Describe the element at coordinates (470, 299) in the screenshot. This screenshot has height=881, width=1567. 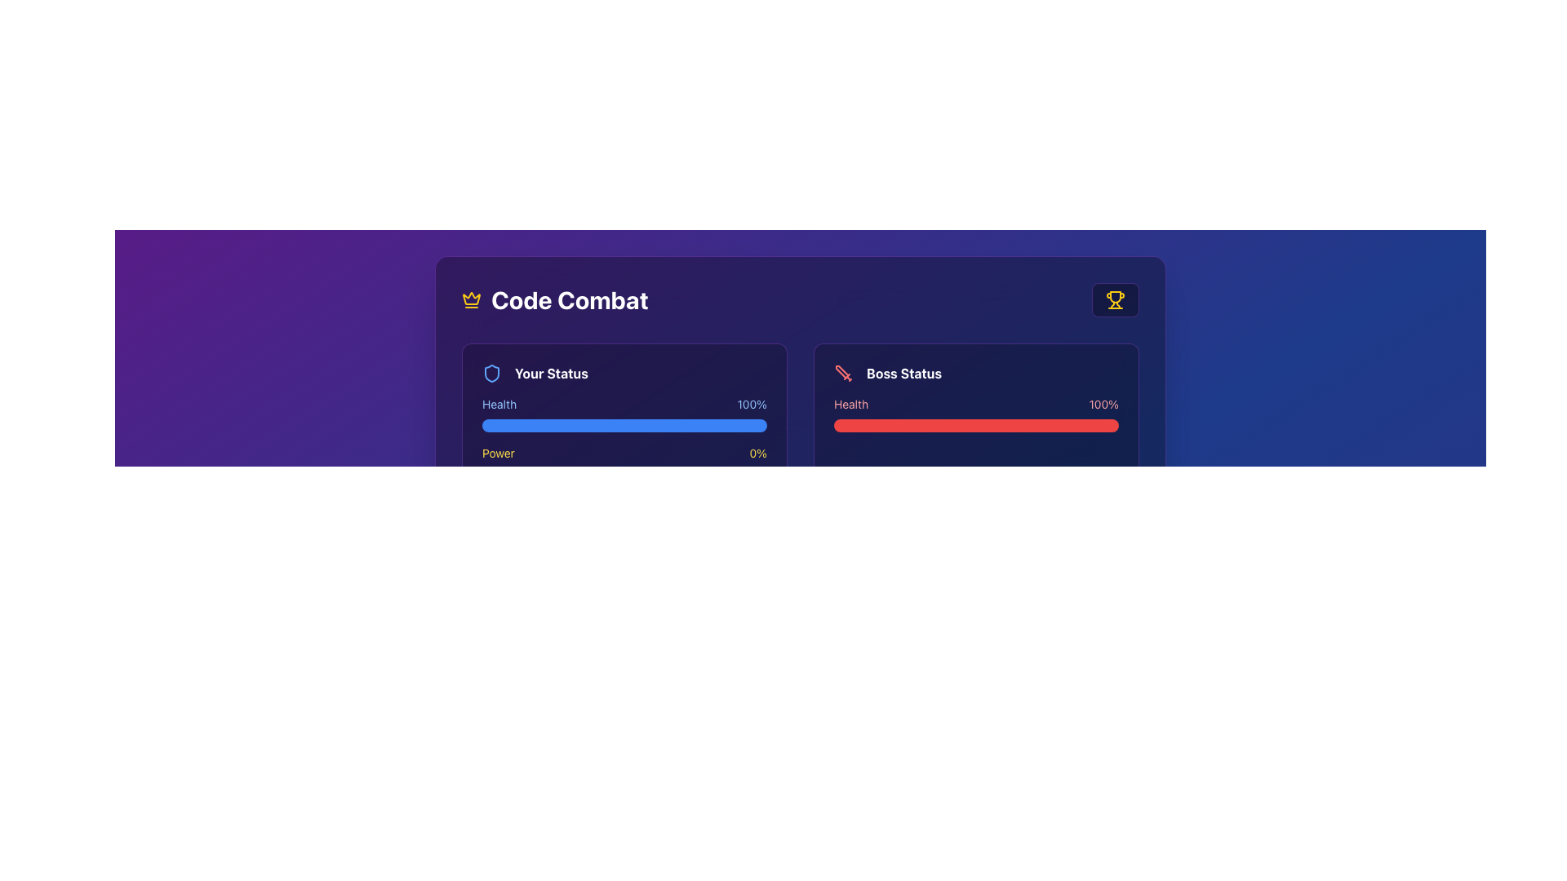
I see `the decorative icon located to the left of the text 'Code Combat' in the top-left corner of the interface` at that location.